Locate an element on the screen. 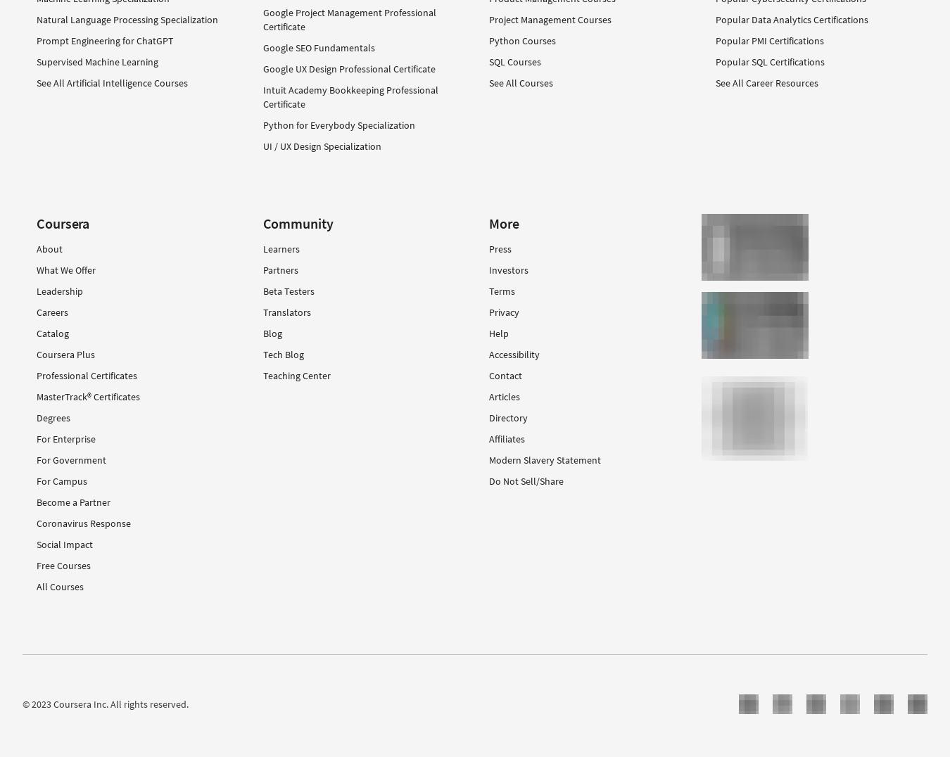 The image size is (950, 757). 'Popular PMI Certifications' is located at coordinates (715, 40).